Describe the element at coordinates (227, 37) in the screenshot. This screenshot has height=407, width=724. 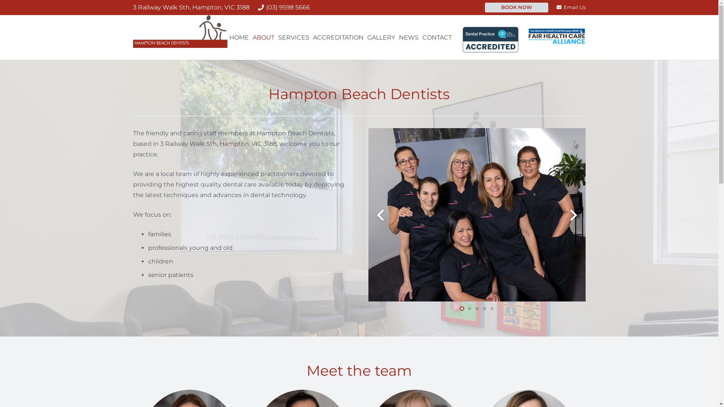
I see `'HOME'` at that location.